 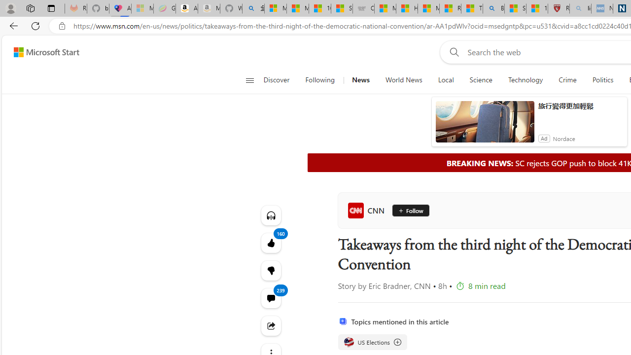 I want to click on 'View comments 239 Comment', so click(x=271, y=297).